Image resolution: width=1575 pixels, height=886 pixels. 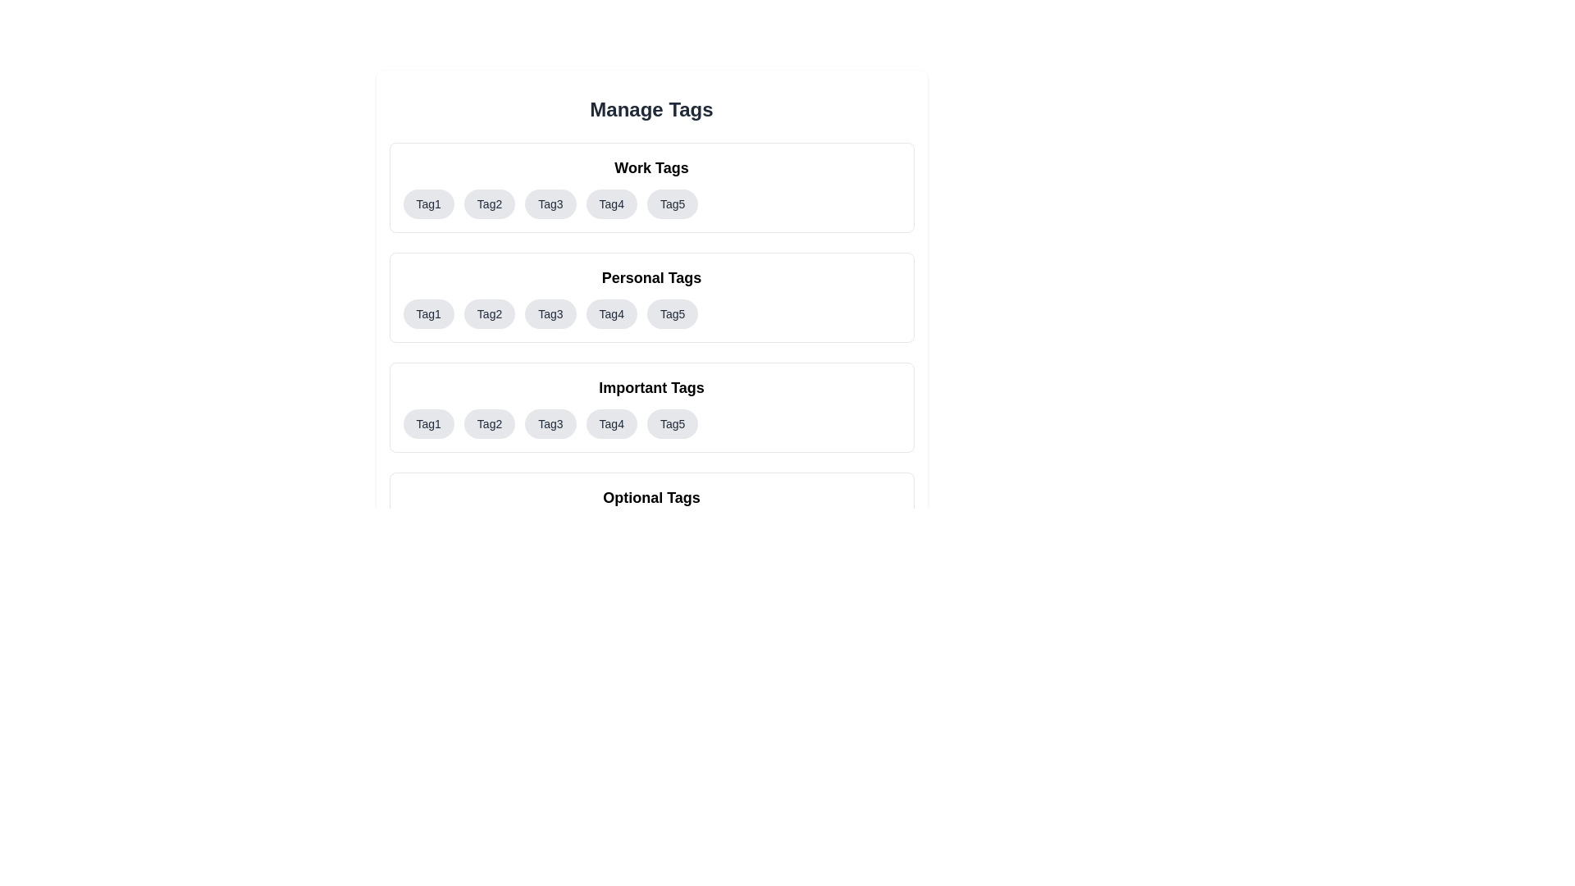 What do you see at coordinates (610, 422) in the screenshot?
I see `the fourth tag in the 'Important Tags' group` at bounding box center [610, 422].